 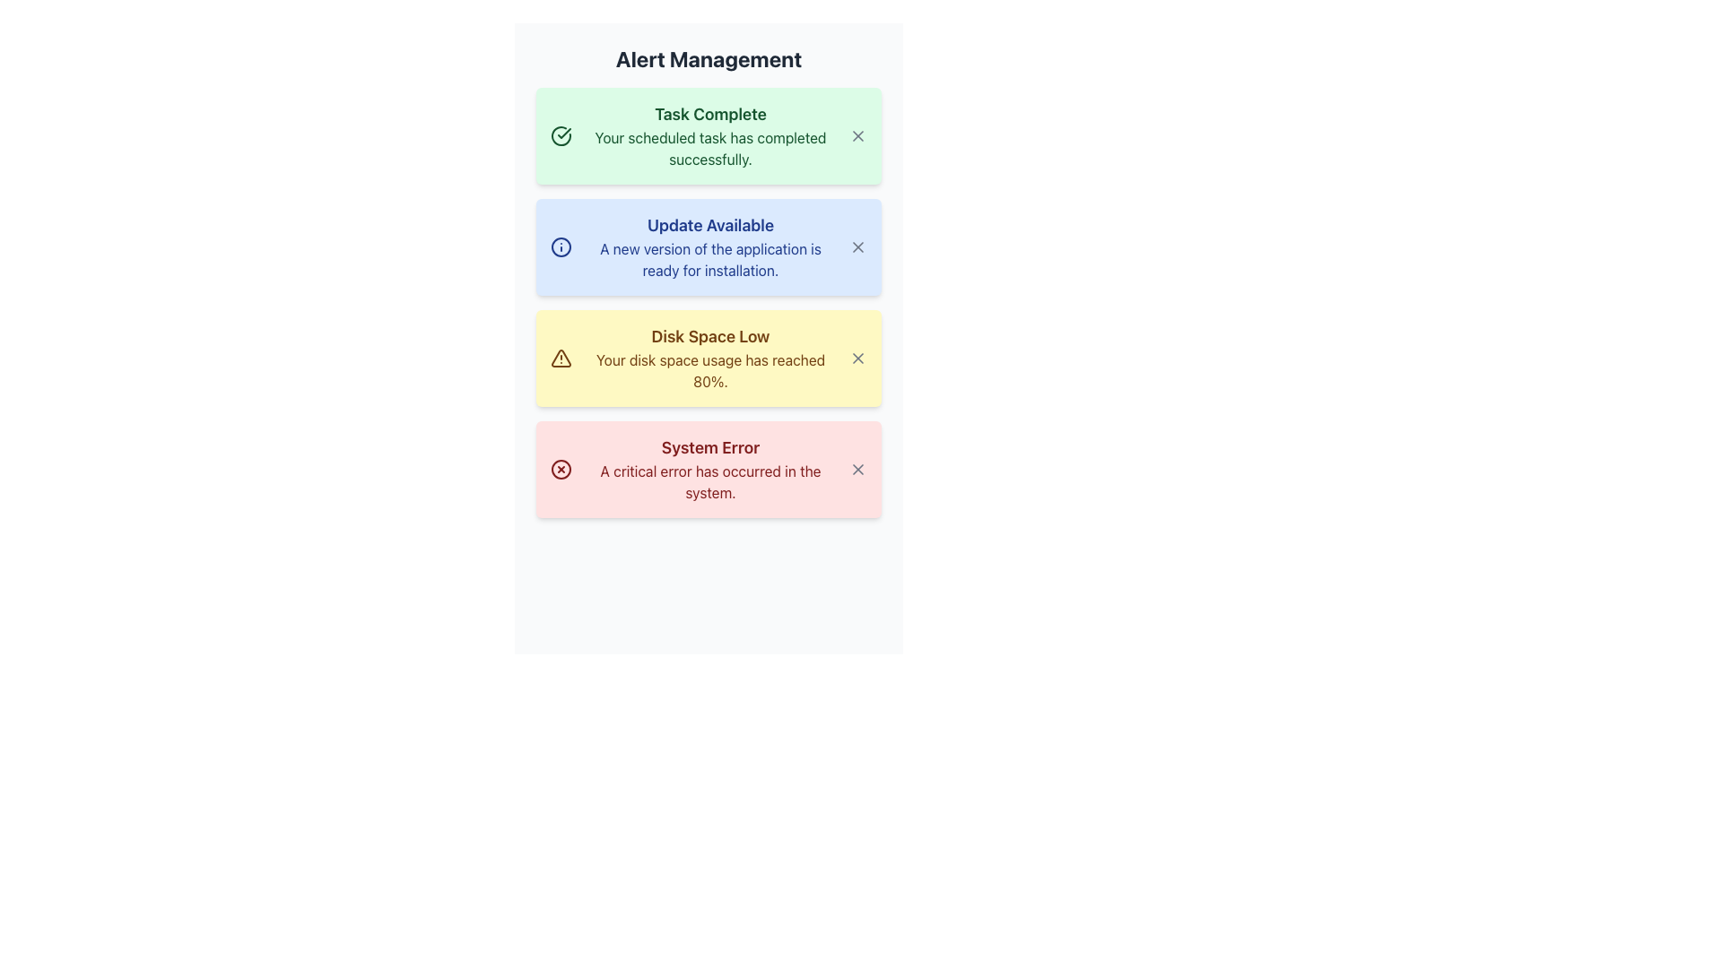 I want to click on the 'X' icon located at the top-right corner of the yellow alert box labeled 'Disk Space Low', so click(x=857, y=359).